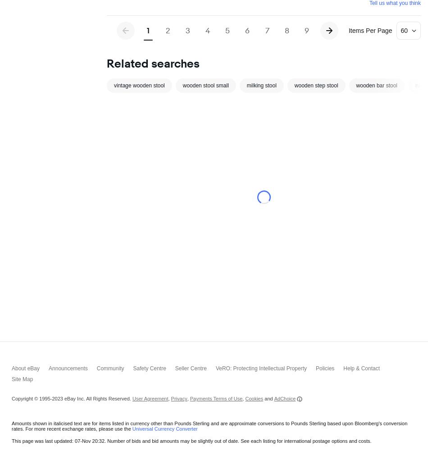 This screenshot has width=428, height=473. Describe the element at coordinates (12, 242) in the screenshot. I see `'Amounts shown in italicised text are for items listed in currency other than Pounds Sterling and are approximate conversions to Pounds Sterling based upon Bloomberg's conversion rates. For more recent exchange rates, please use the'` at that location.